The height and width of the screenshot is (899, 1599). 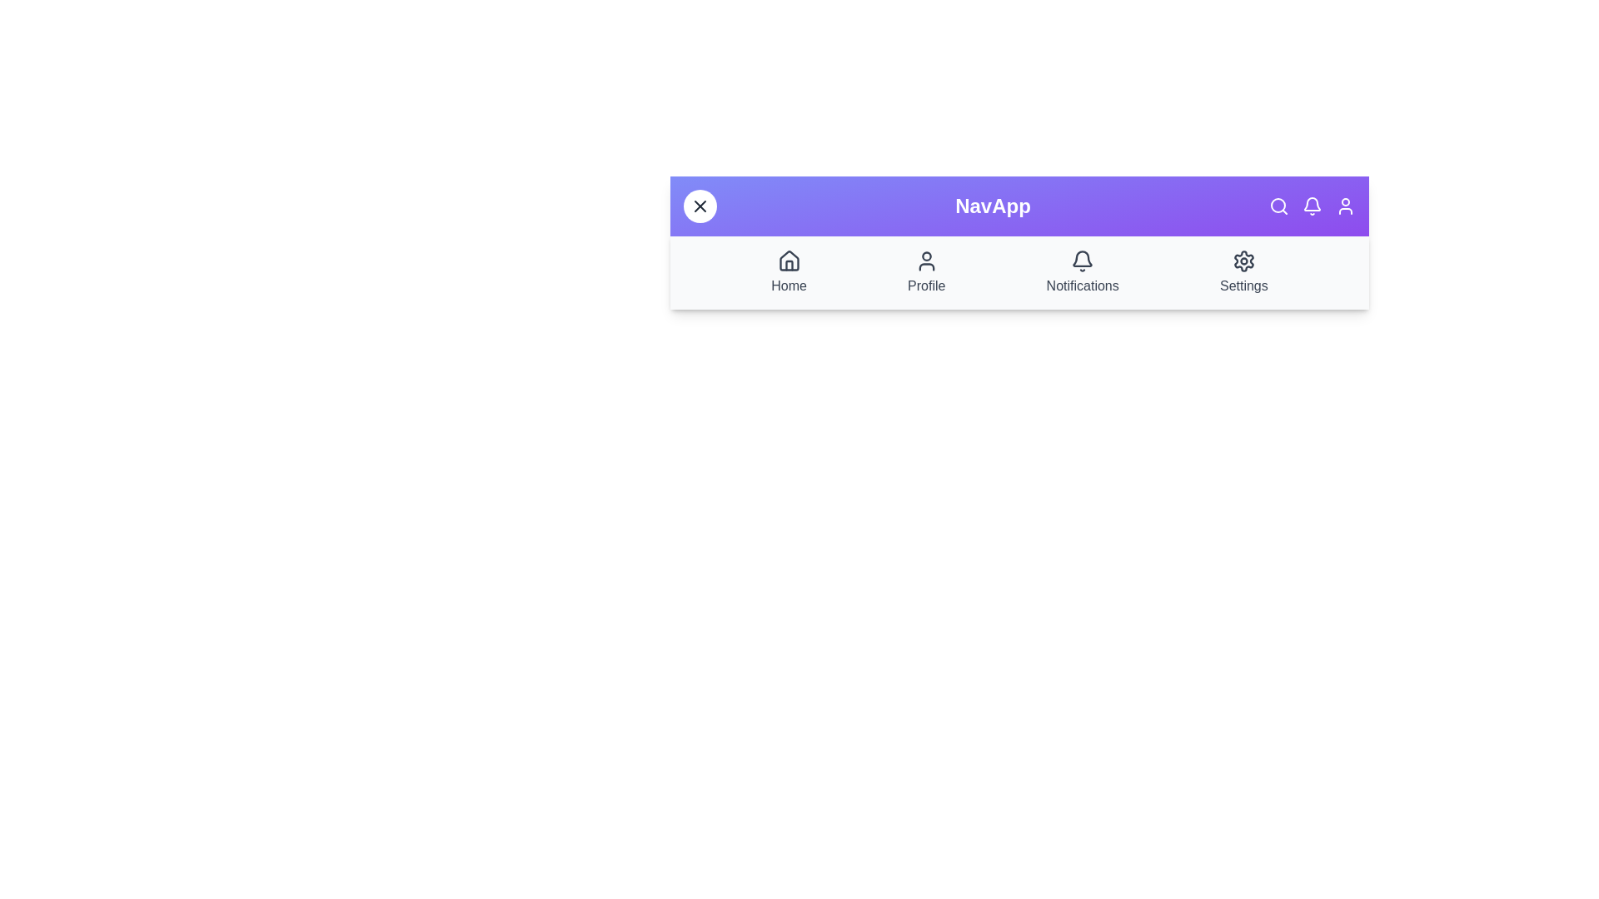 What do you see at coordinates (1311, 205) in the screenshot?
I see `the header icon Bell` at bounding box center [1311, 205].